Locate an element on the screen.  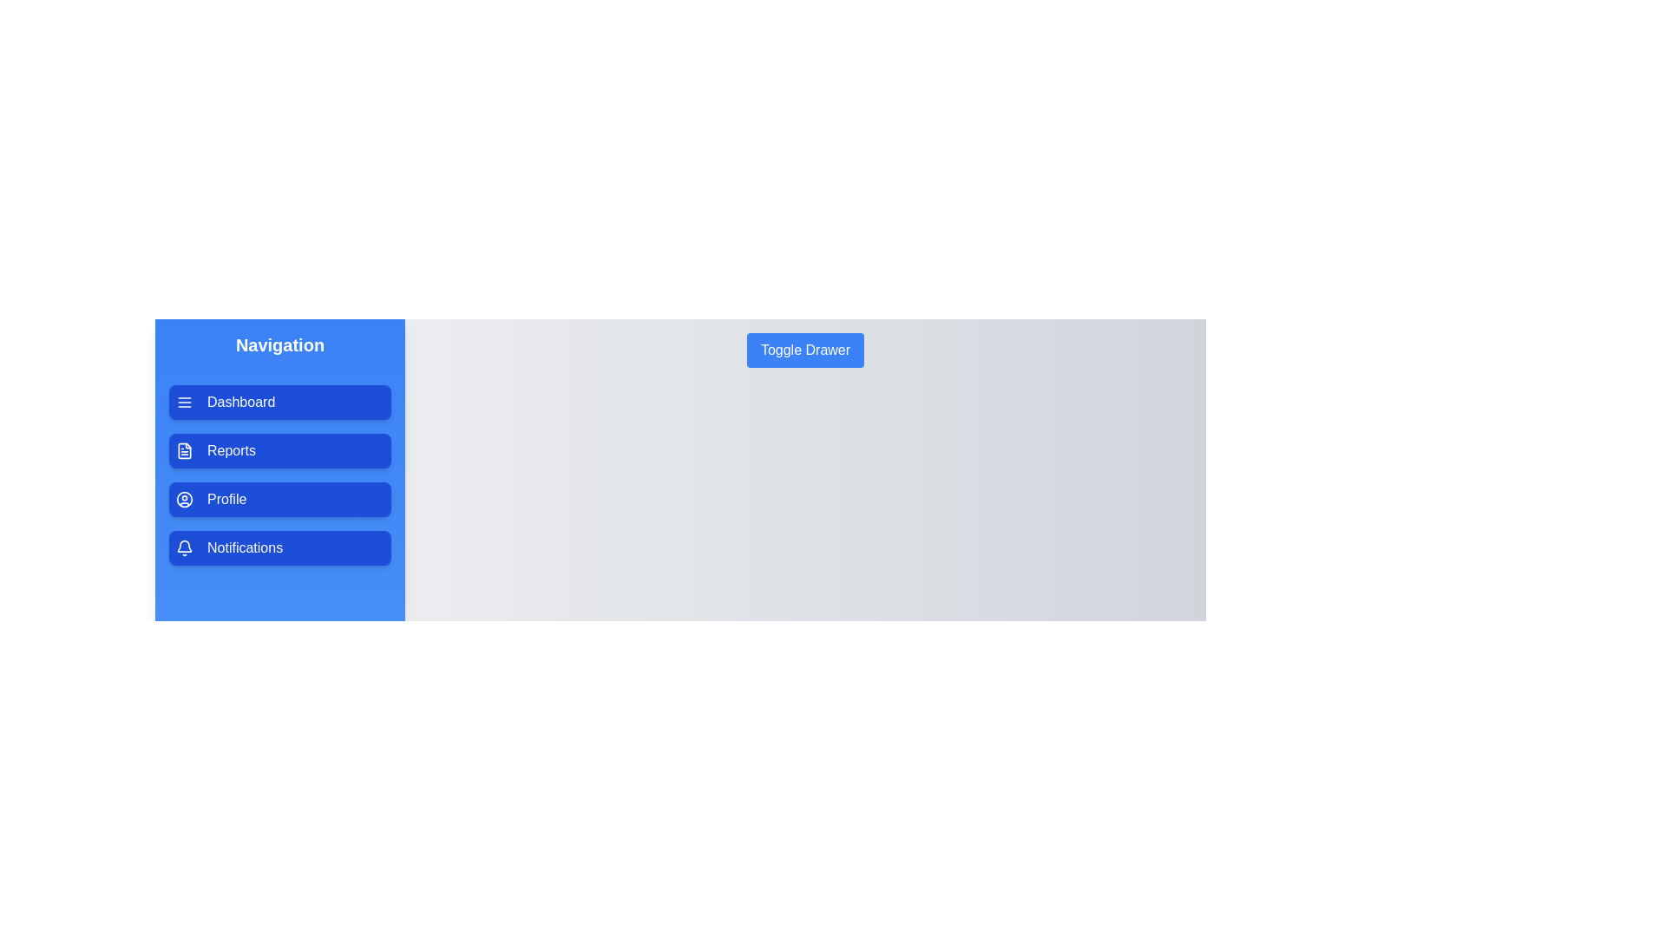
the 'Navigation' title text in the drawer is located at coordinates (279, 344).